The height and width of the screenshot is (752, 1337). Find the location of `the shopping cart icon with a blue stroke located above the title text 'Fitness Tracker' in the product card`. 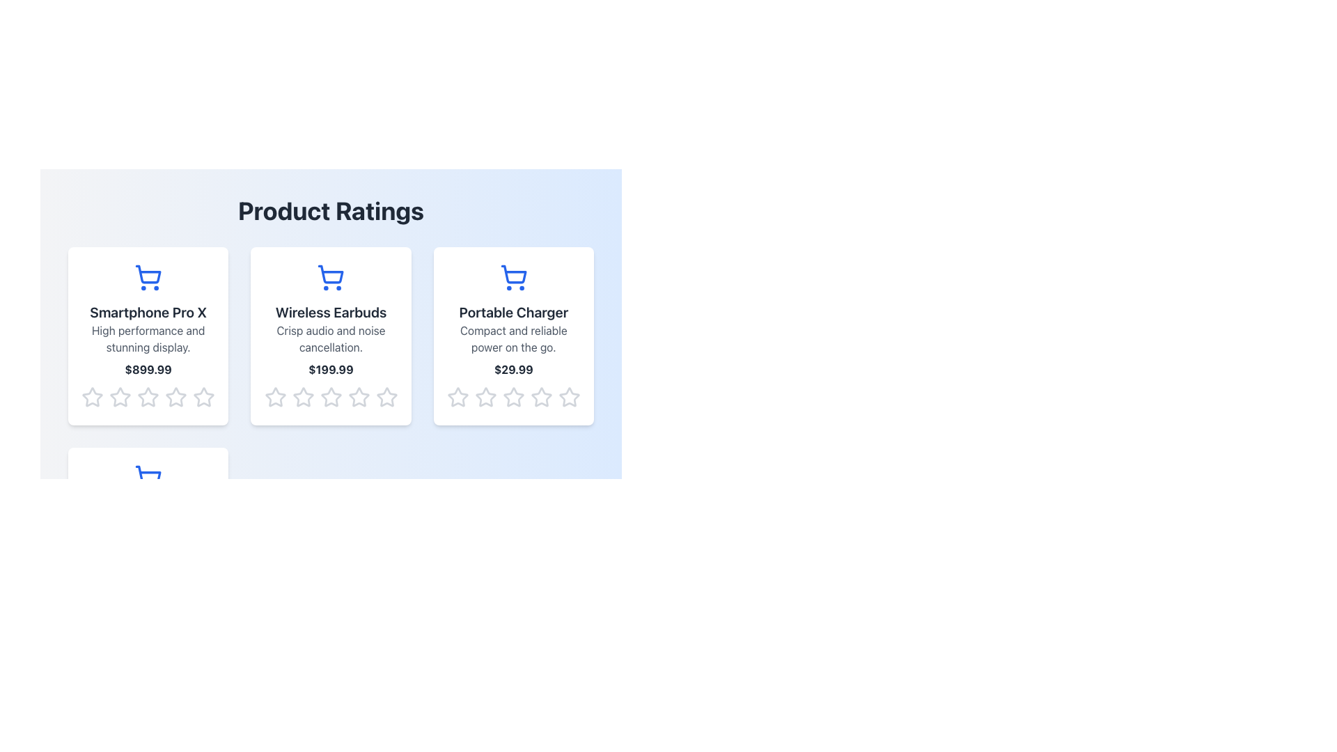

the shopping cart icon with a blue stroke located above the title text 'Fitness Tracker' in the product card is located at coordinates (148, 477).